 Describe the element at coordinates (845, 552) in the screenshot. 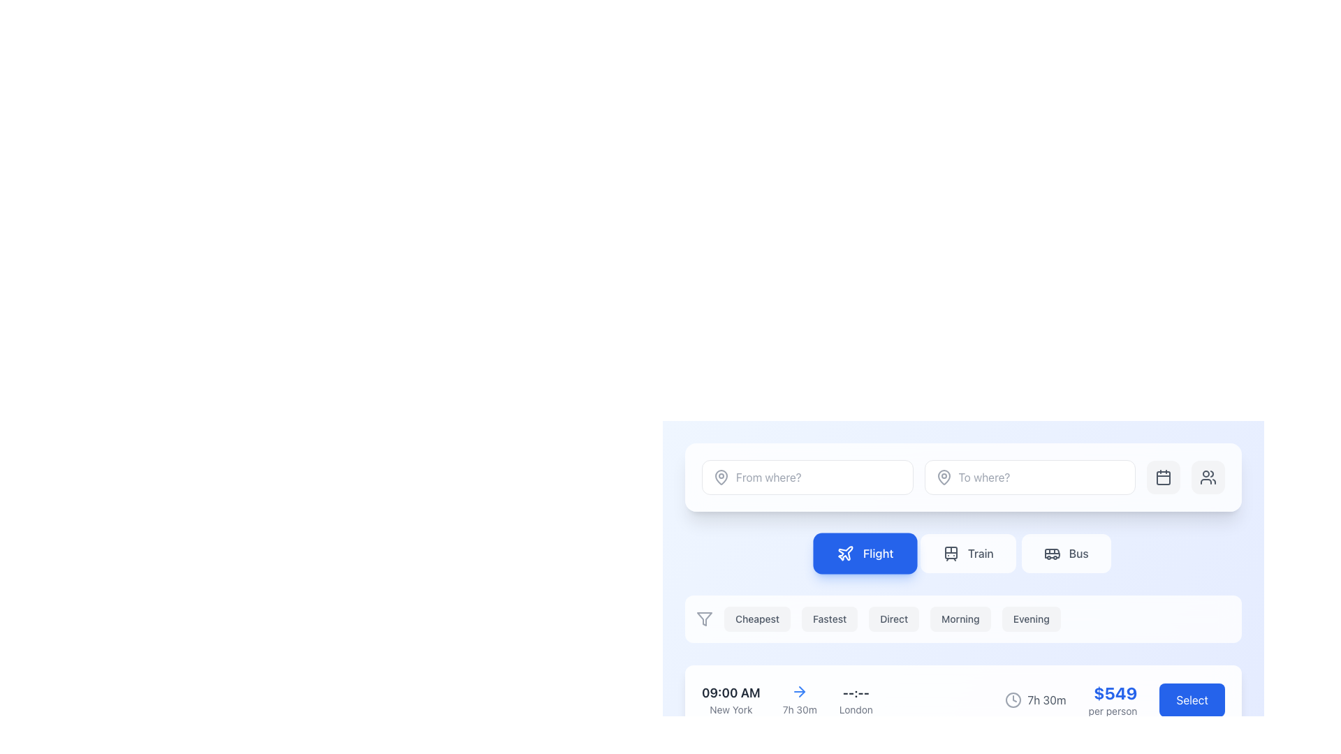

I see `the blue rectangular button representing the 'Flight' option in the transportation modes selector` at that location.